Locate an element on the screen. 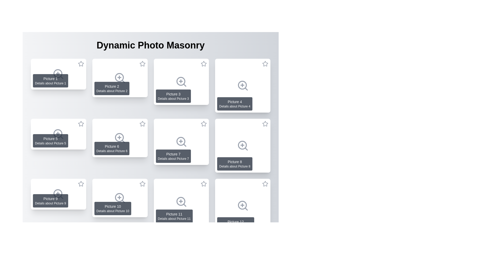  the star-shaped icon is located at coordinates (81, 185).